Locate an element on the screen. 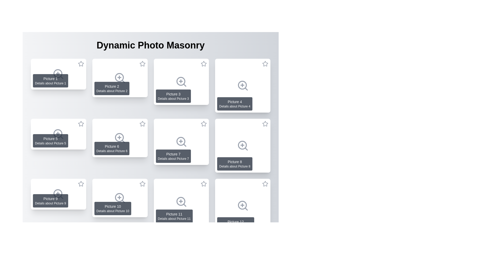  the star-shaped icon is located at coordinates (81, 185).